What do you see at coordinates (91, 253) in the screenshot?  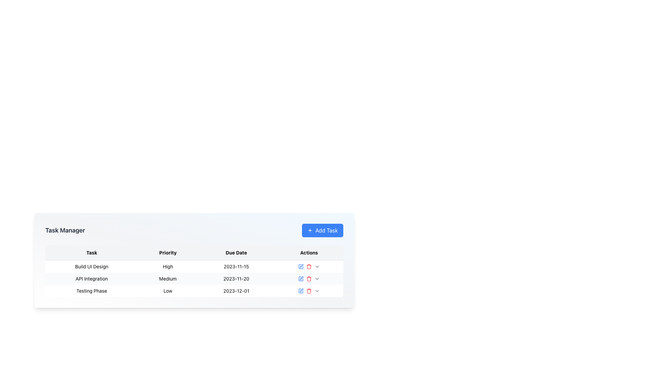 I see `the header label displaying the text 'Task', which is bold and aligned to the left within its header row, located on the far left of its sibling elements` at bounding box center [91, 253].